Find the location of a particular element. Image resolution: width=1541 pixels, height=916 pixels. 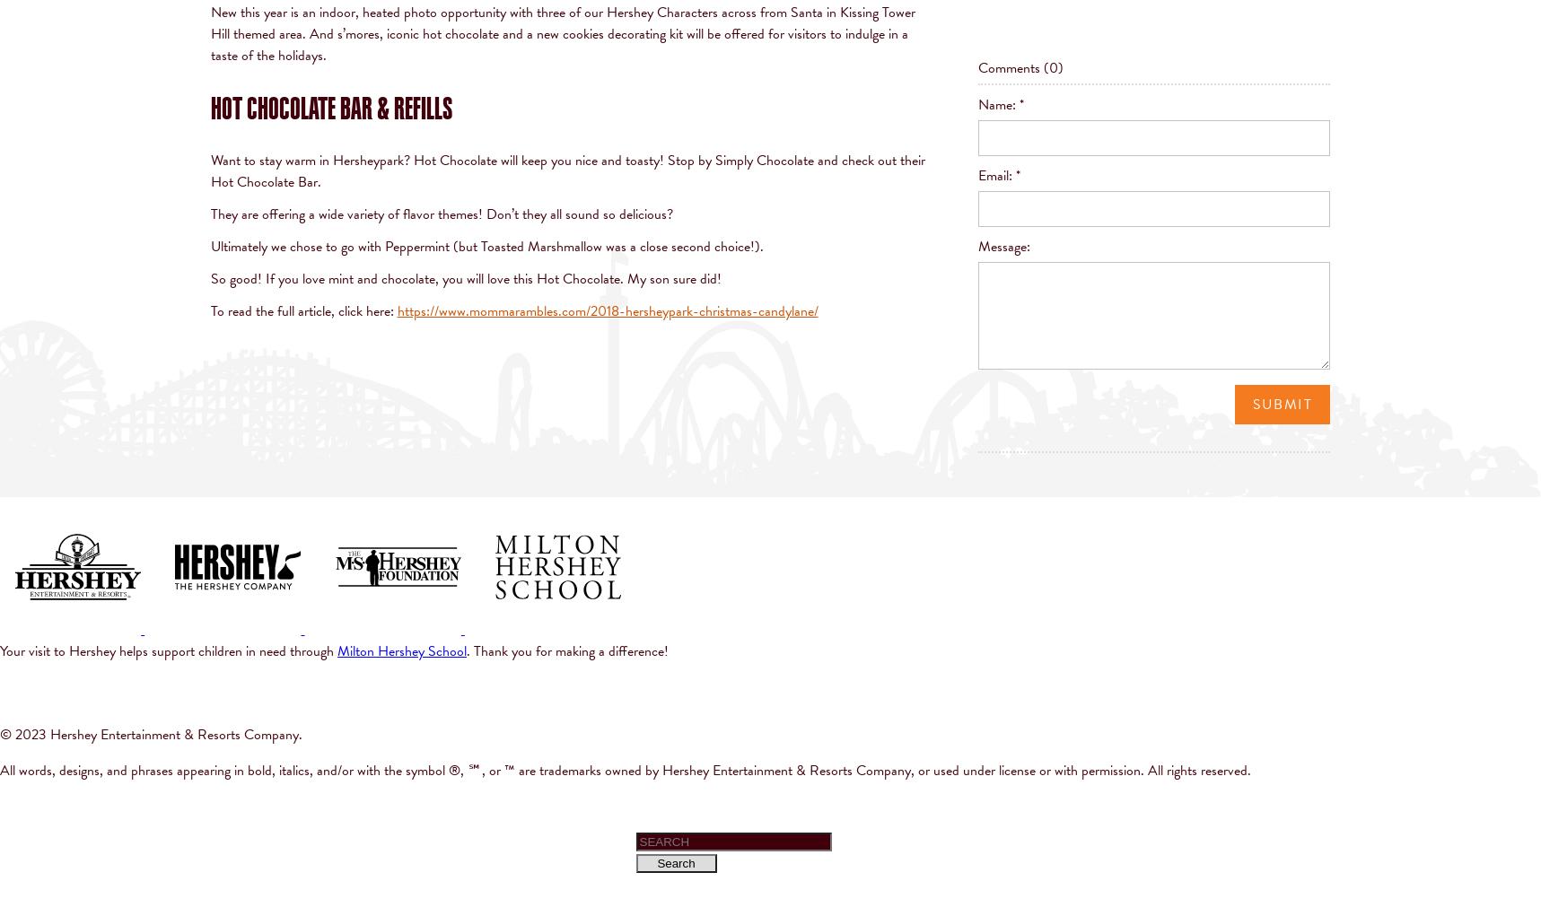

'Hot Chocolate Bar & Refills' is located at coordinates (330, 107).